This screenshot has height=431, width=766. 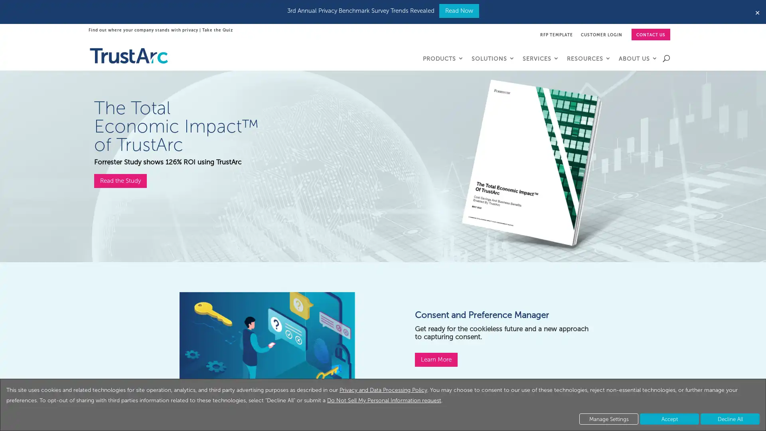 I want to click on Accept, so click(x=669, y=418).